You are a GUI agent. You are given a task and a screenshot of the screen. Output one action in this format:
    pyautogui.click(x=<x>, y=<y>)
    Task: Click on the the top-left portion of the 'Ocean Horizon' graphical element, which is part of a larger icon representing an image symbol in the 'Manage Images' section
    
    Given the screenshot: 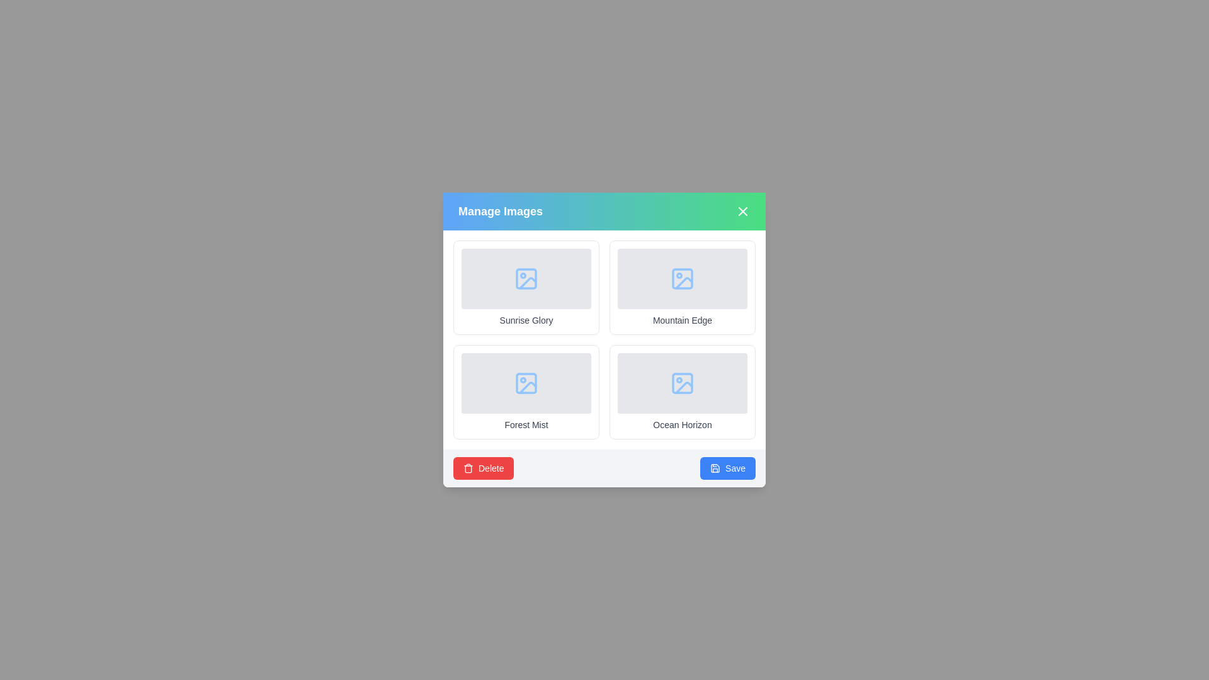 What is the action you would take?
    pyautogui.click(x=682, y=383)
    